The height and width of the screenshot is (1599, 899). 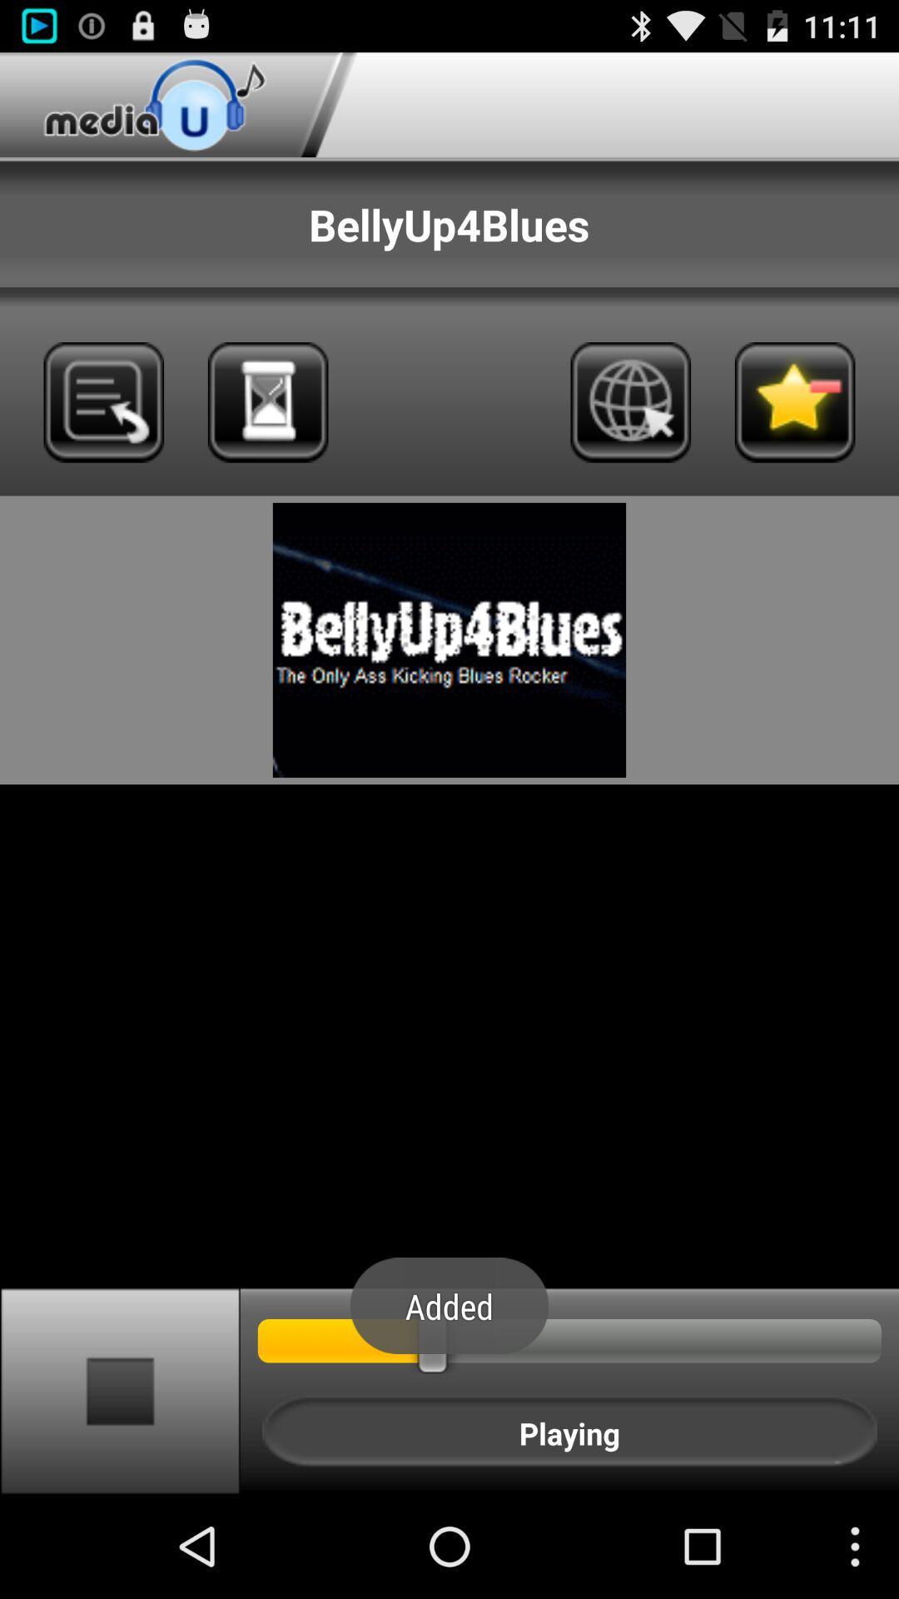 I want to click on stop, so click(x=119, y=1390).